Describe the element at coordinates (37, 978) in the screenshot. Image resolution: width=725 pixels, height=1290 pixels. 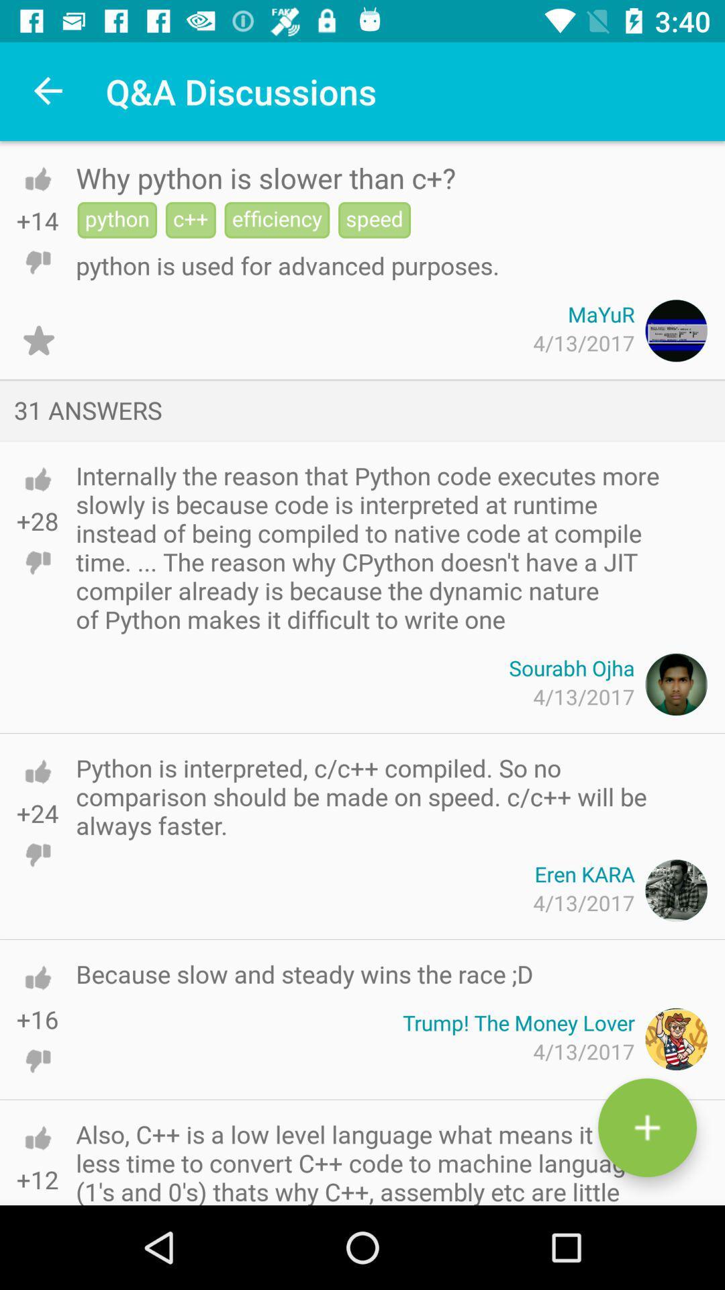
I see `like this answer` at that location.